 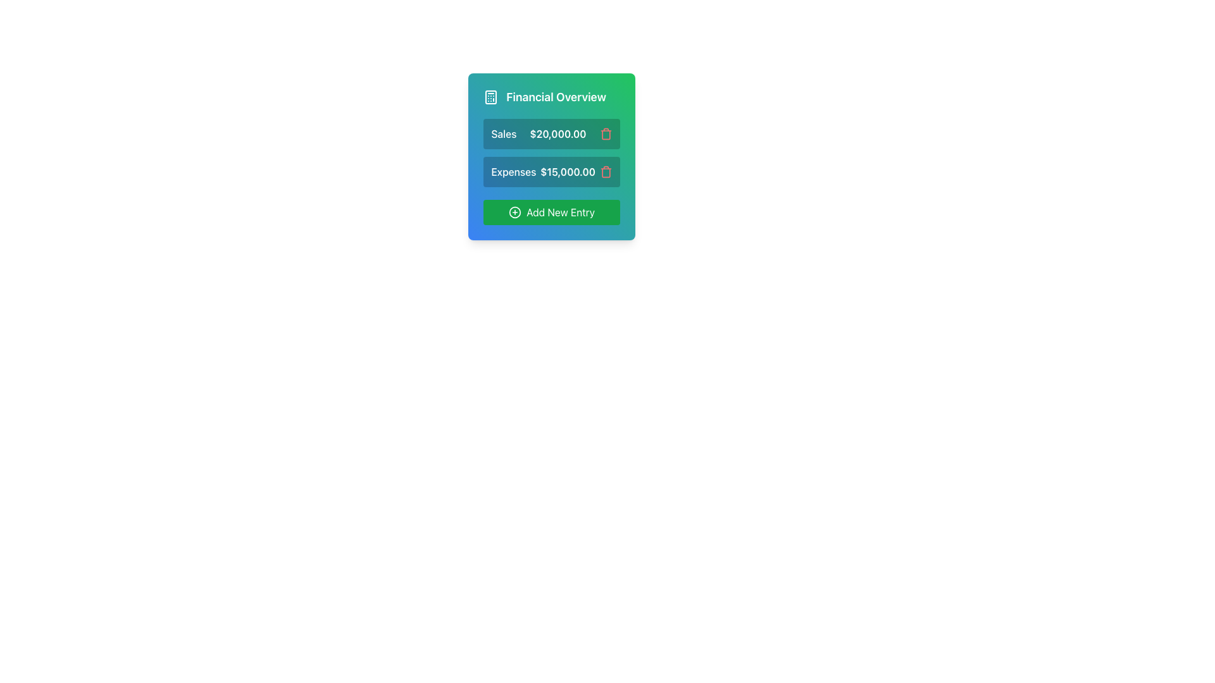 What do you see at coordinates (513, 172) in the screenshot?
I see `the 'Expenses' label that identifies the associated value of $15,000.00 in the Financial Overview section` at bounding box center [513, 172].